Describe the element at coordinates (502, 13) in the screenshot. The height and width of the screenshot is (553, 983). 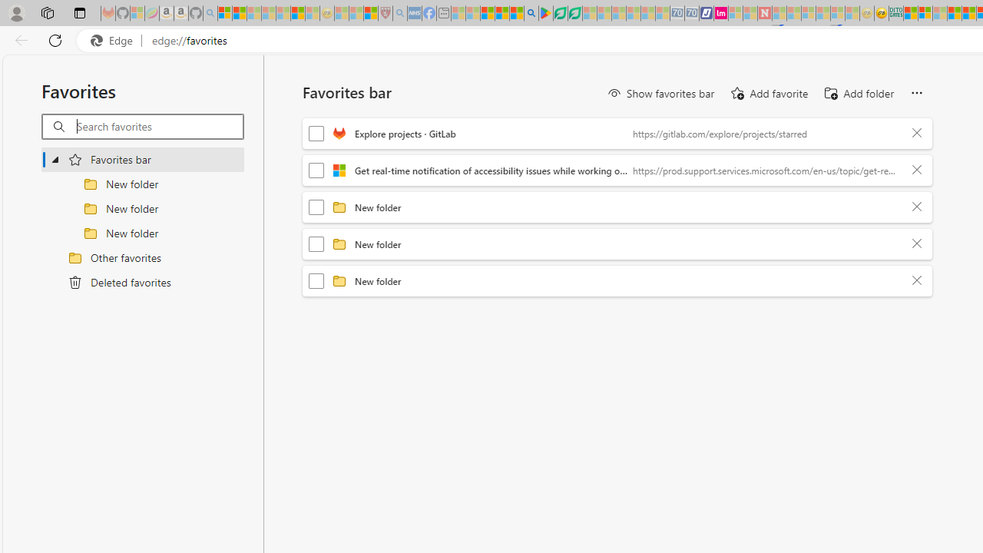
I see `'Pets - MSN'` at that location.